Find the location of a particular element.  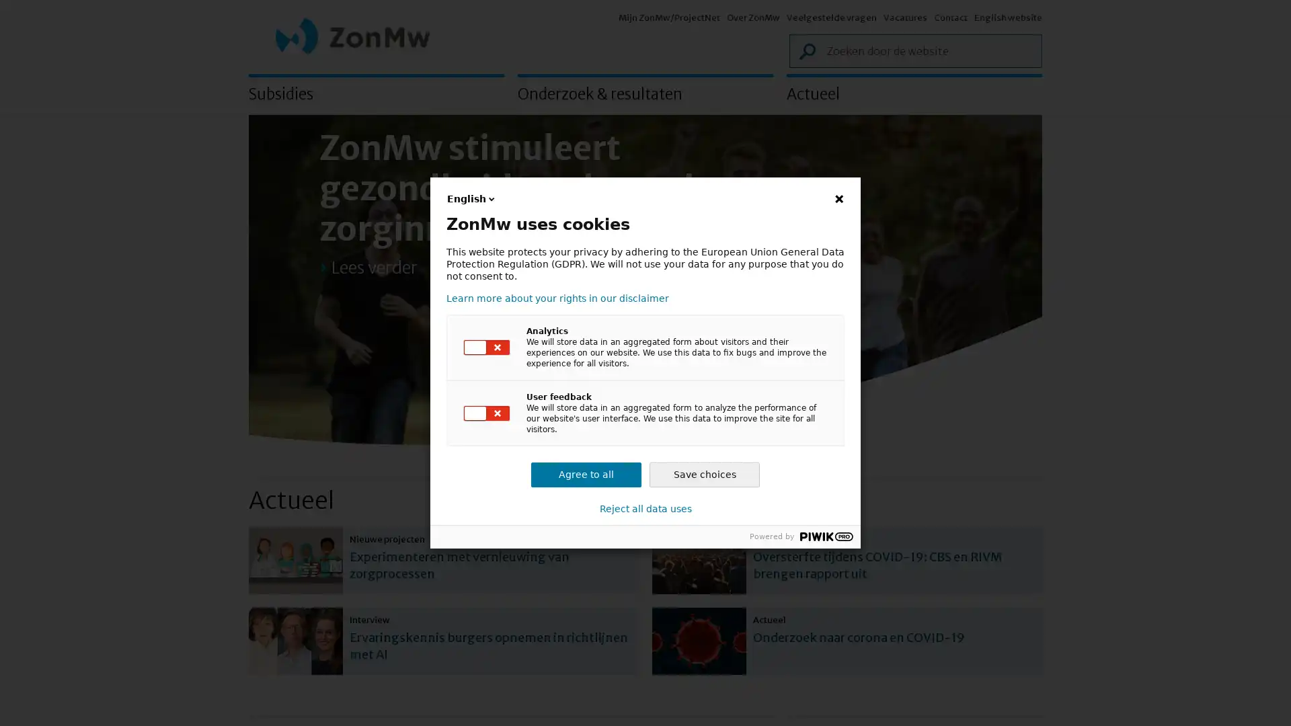

Save choices is located at coordinates (703, 474).